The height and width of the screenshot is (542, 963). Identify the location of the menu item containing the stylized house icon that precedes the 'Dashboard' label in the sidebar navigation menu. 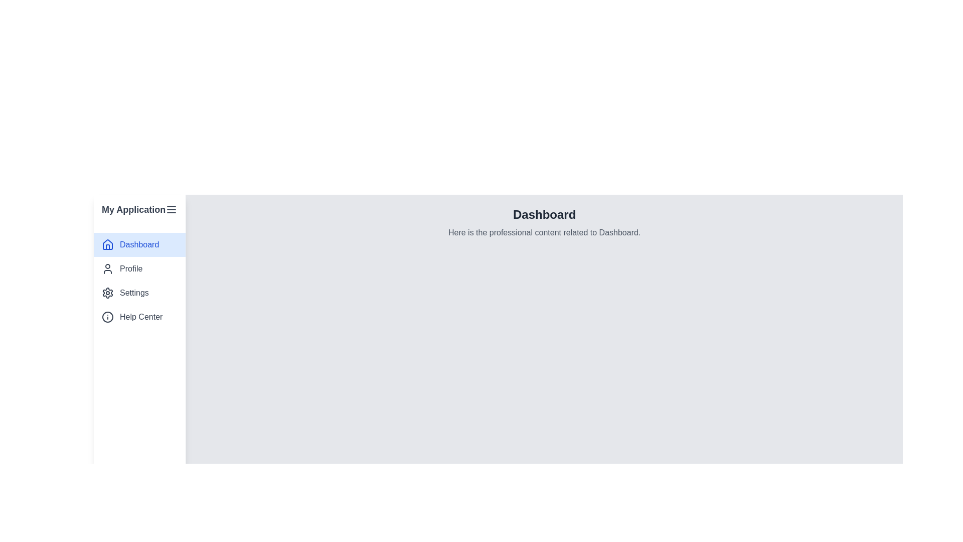
(108, 244).